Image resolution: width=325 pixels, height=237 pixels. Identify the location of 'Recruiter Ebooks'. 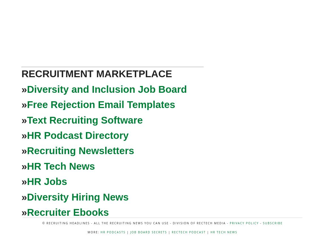
(68, 212).